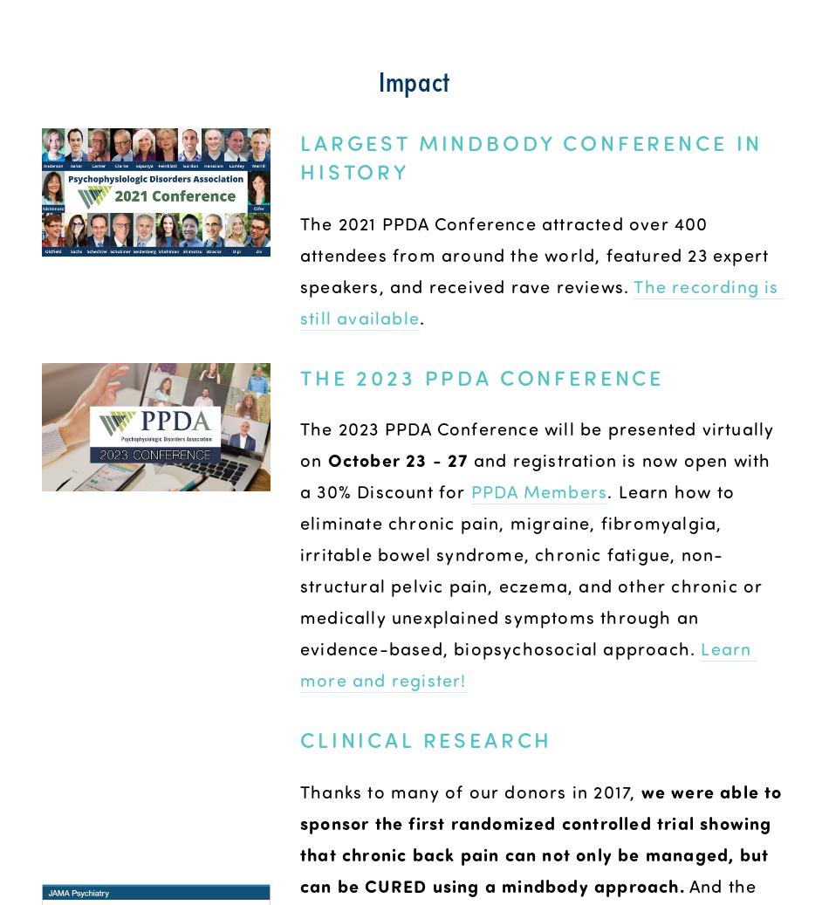 Image resolution: width=829 pixels, height=905 pixels. I want to click on 'largest mindbody conference in history', so click(535, 154).